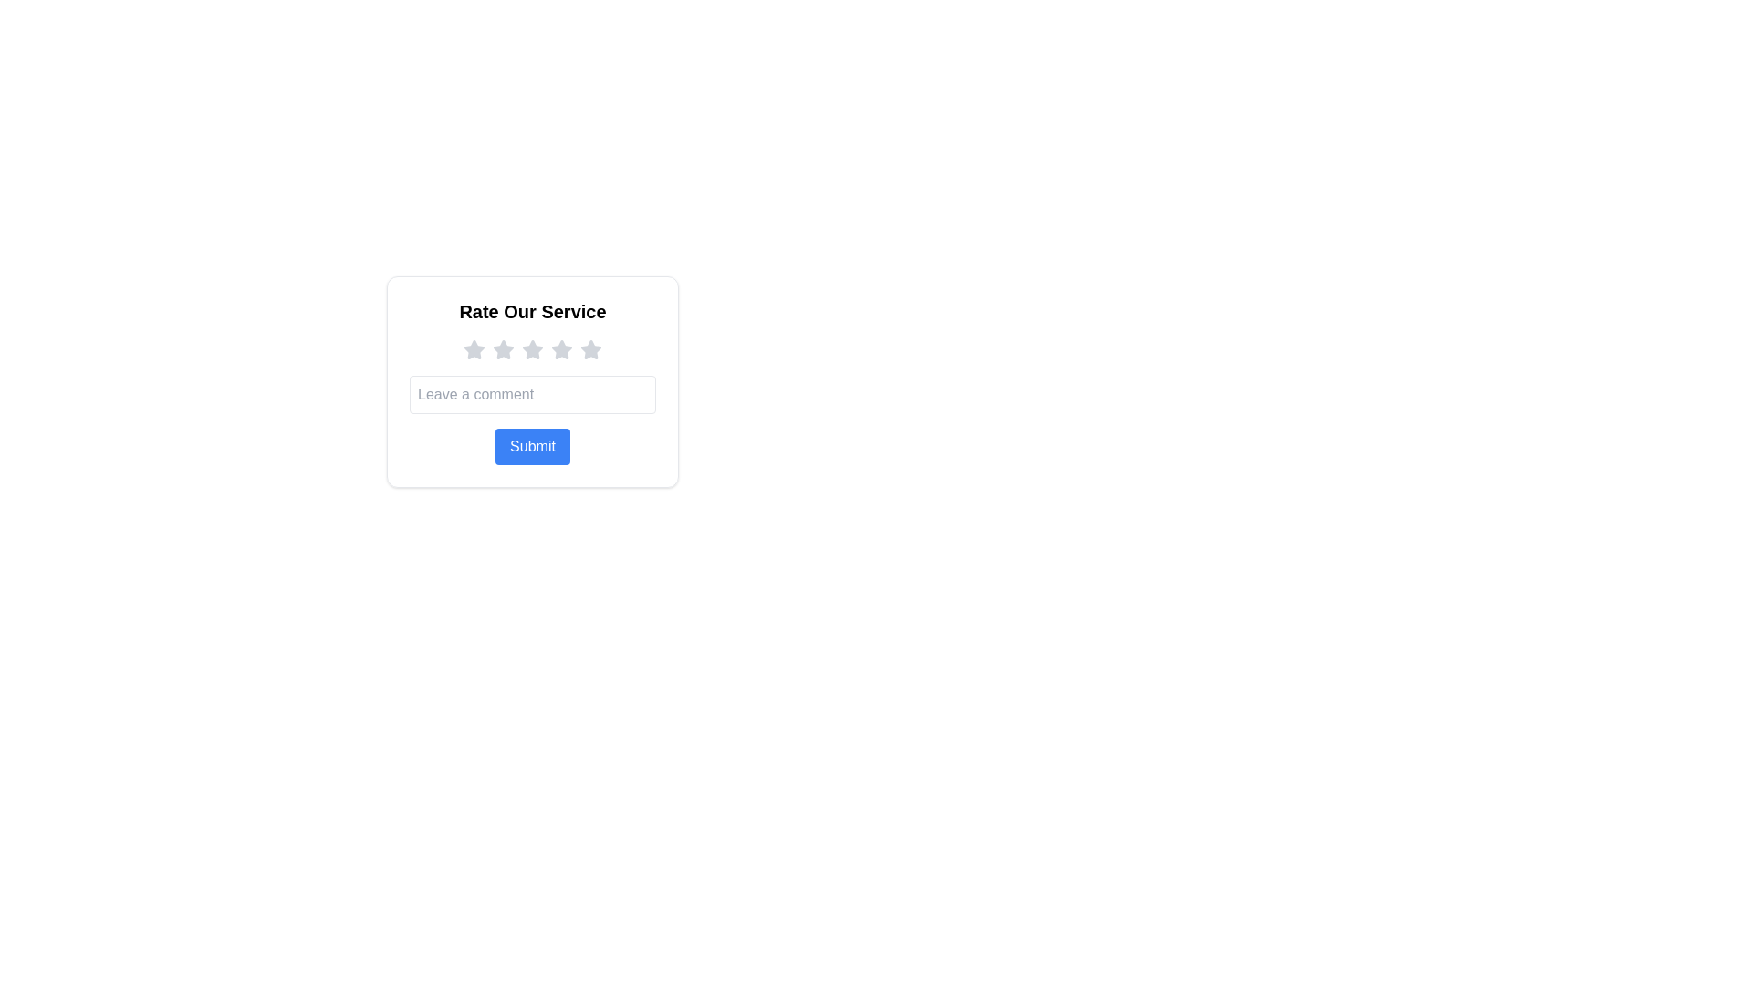 Image resolution: width=1752 pixels, height=985 pixels. Describe the element at coordinates (591, 349) in the screenshot. I see `the fifth star icon in the rating system` at that location.